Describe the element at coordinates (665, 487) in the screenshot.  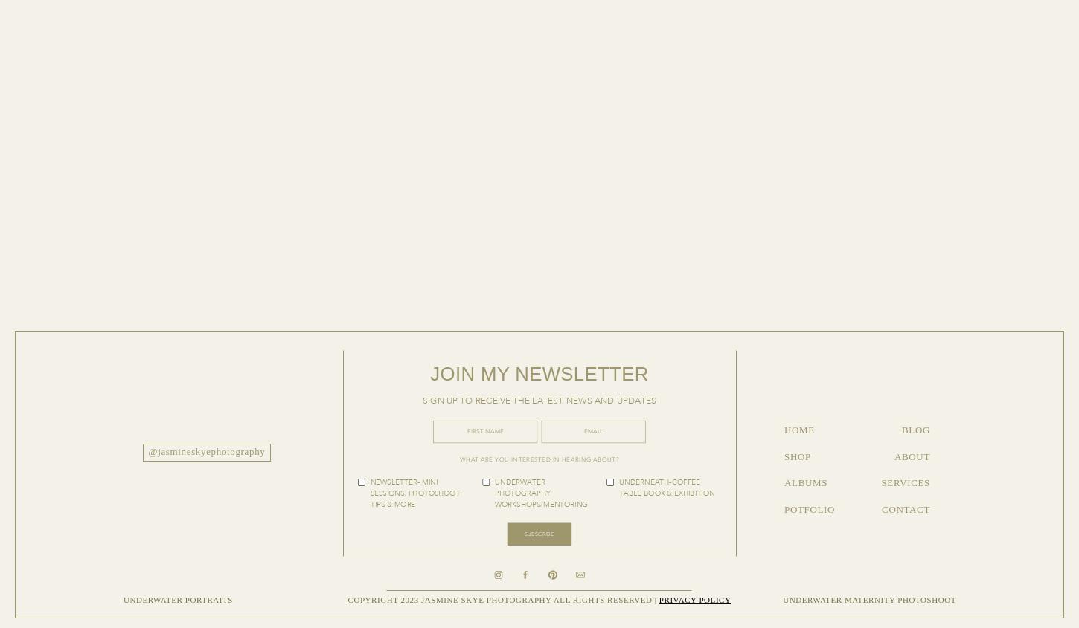
I see `'Underneath-coffee table book & exhibition'` at that location.